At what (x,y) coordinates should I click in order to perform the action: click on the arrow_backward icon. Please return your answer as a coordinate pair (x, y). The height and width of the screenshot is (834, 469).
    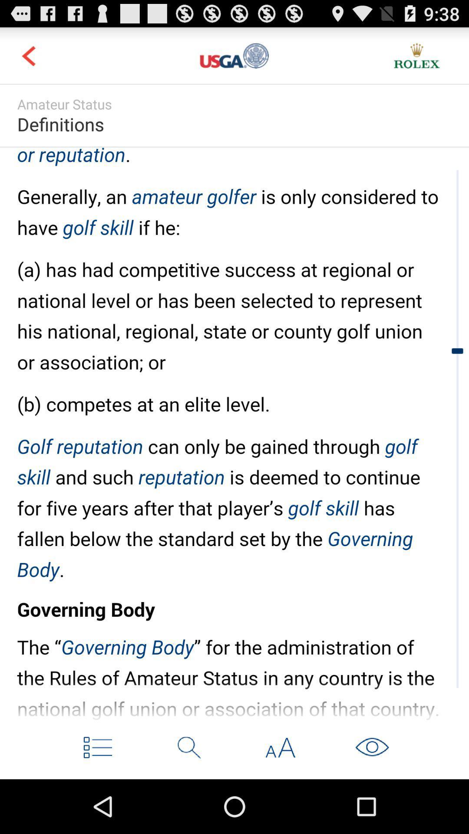
    Looking at the image, I should click on (28, 59).